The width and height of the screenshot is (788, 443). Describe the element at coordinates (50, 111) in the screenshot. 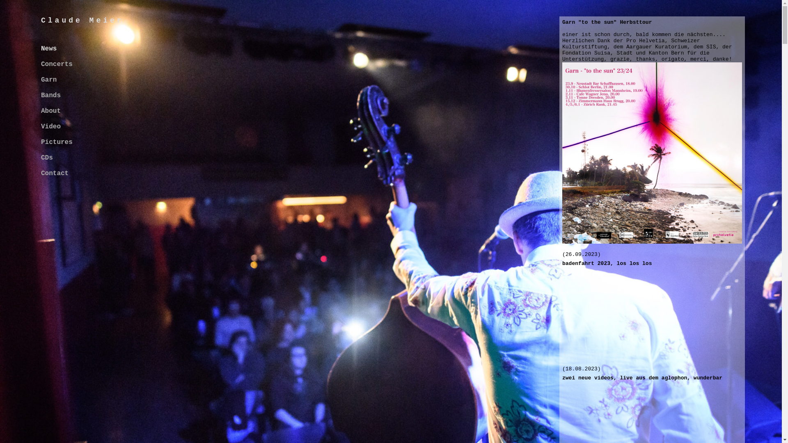

I see `'About'` at that location.